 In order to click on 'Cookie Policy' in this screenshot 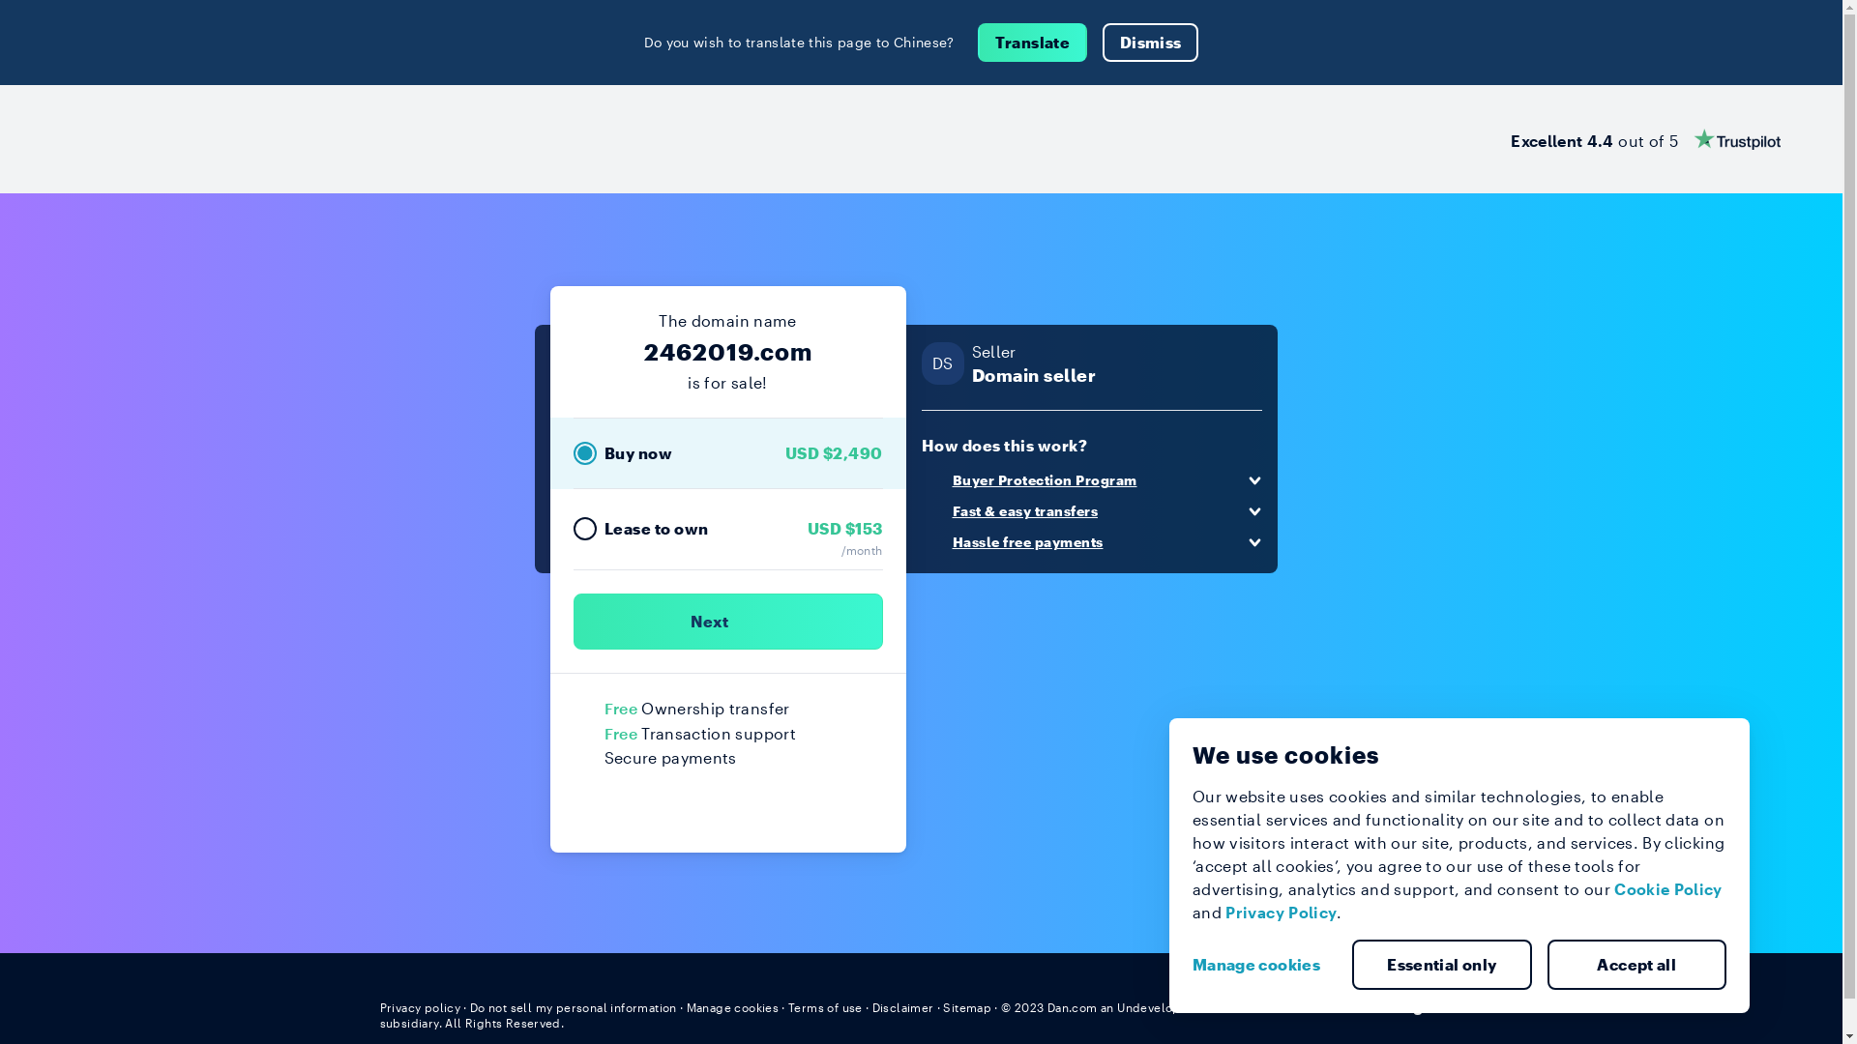, I will do `click(1666, 888)`.